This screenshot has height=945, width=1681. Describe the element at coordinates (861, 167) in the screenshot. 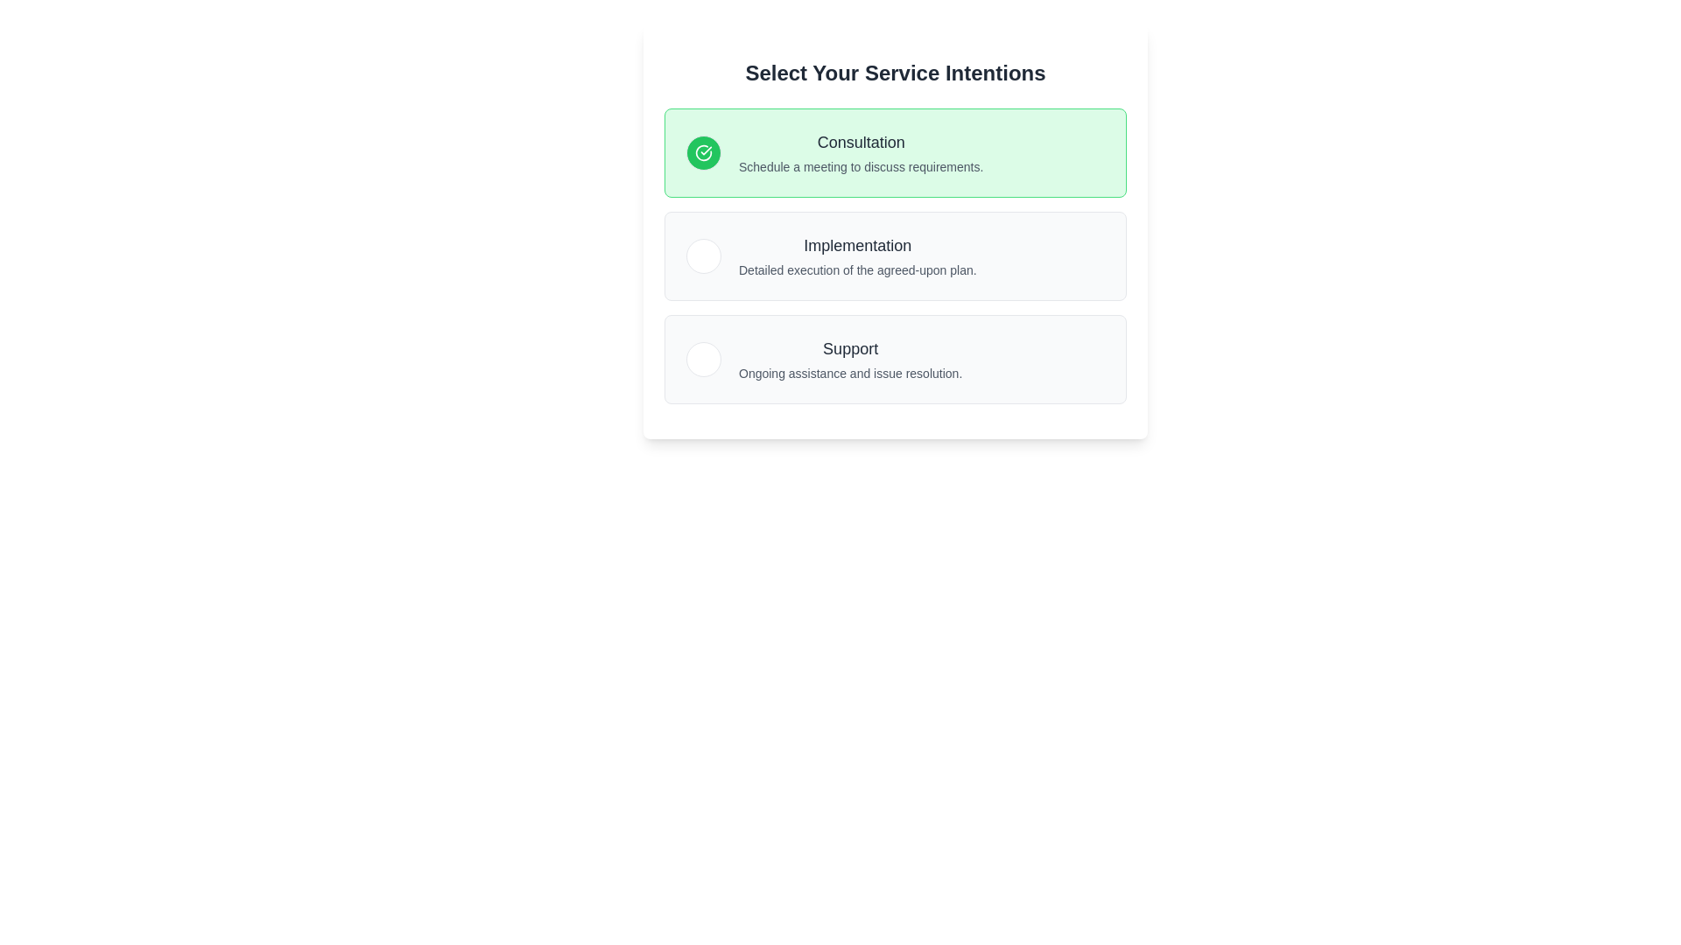

I see `informational text displaying 'Schedule a meeting to discuss requirements.' located in the 'Consultation' section, positioned slightly below the main heading 'Consultation' in the first option card` at that location.